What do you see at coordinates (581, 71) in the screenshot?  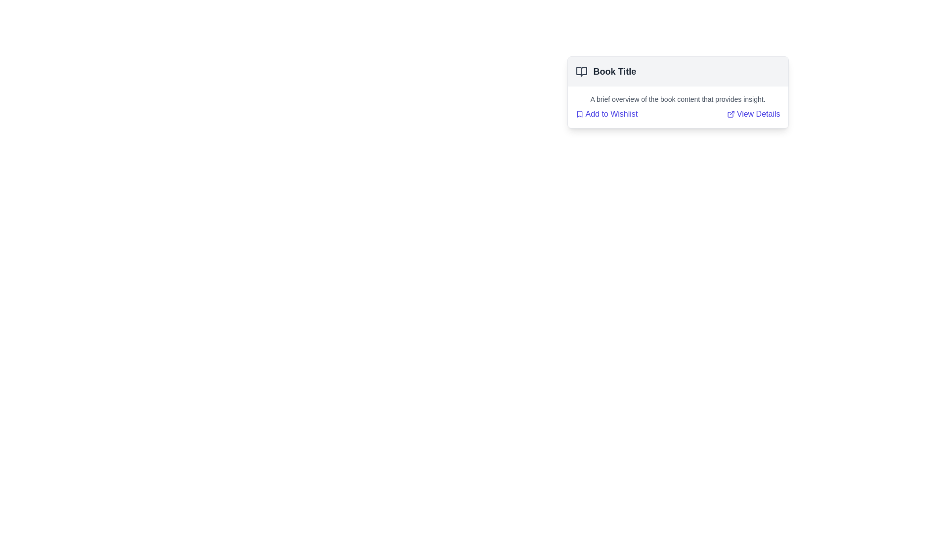 I see `the SVG graphic icon representing an open book located to the left of the title text 'Book Title'` at bounding box center [581, 71].